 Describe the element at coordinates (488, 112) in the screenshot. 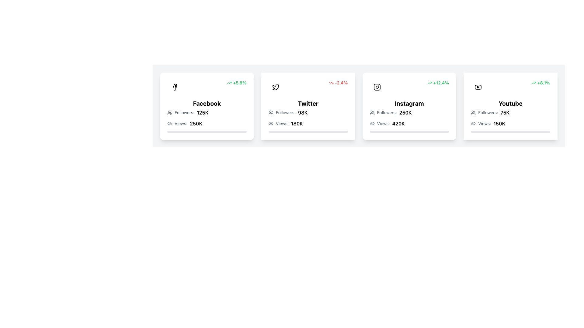

I see `the Text label indicating the number of followers for the YouTube platform, located within the YouTube card, positioned below the card's heading and above the views-related text` at that location.